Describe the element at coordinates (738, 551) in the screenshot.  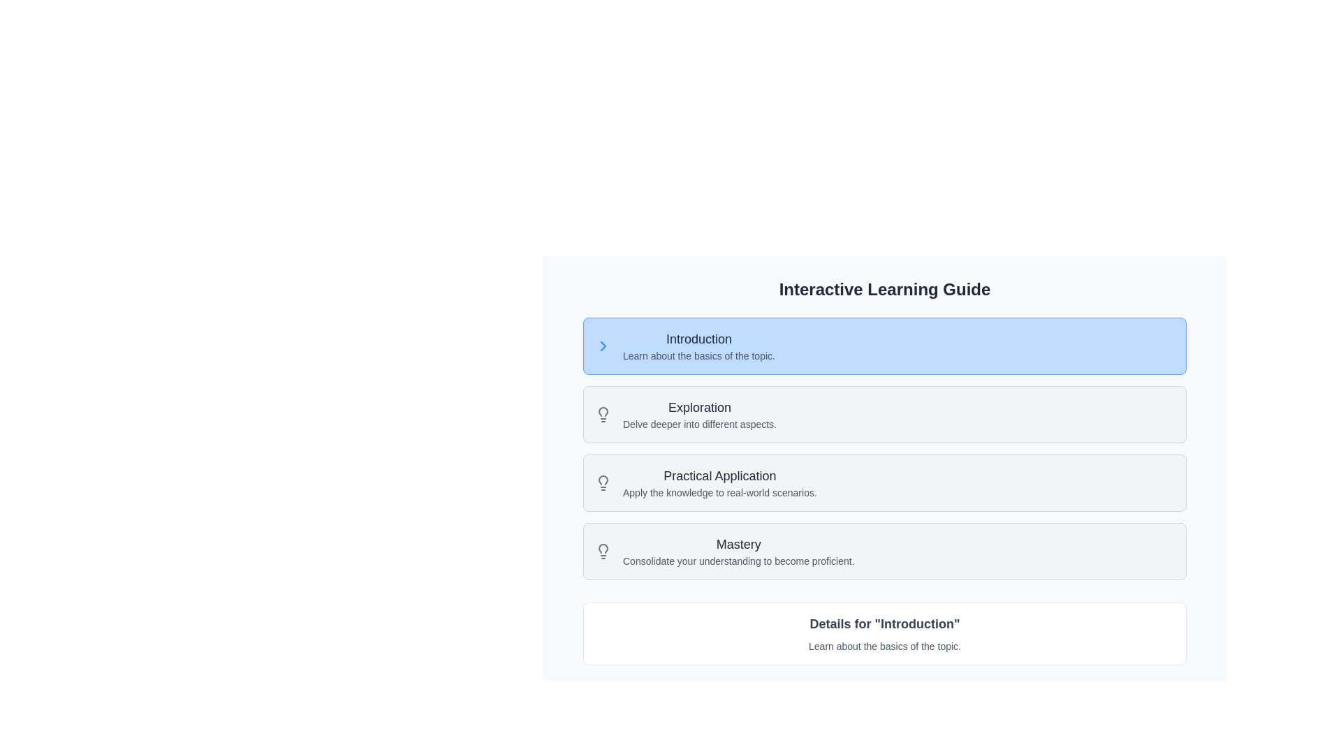
I see `the 'Mastery' text block` at that location.